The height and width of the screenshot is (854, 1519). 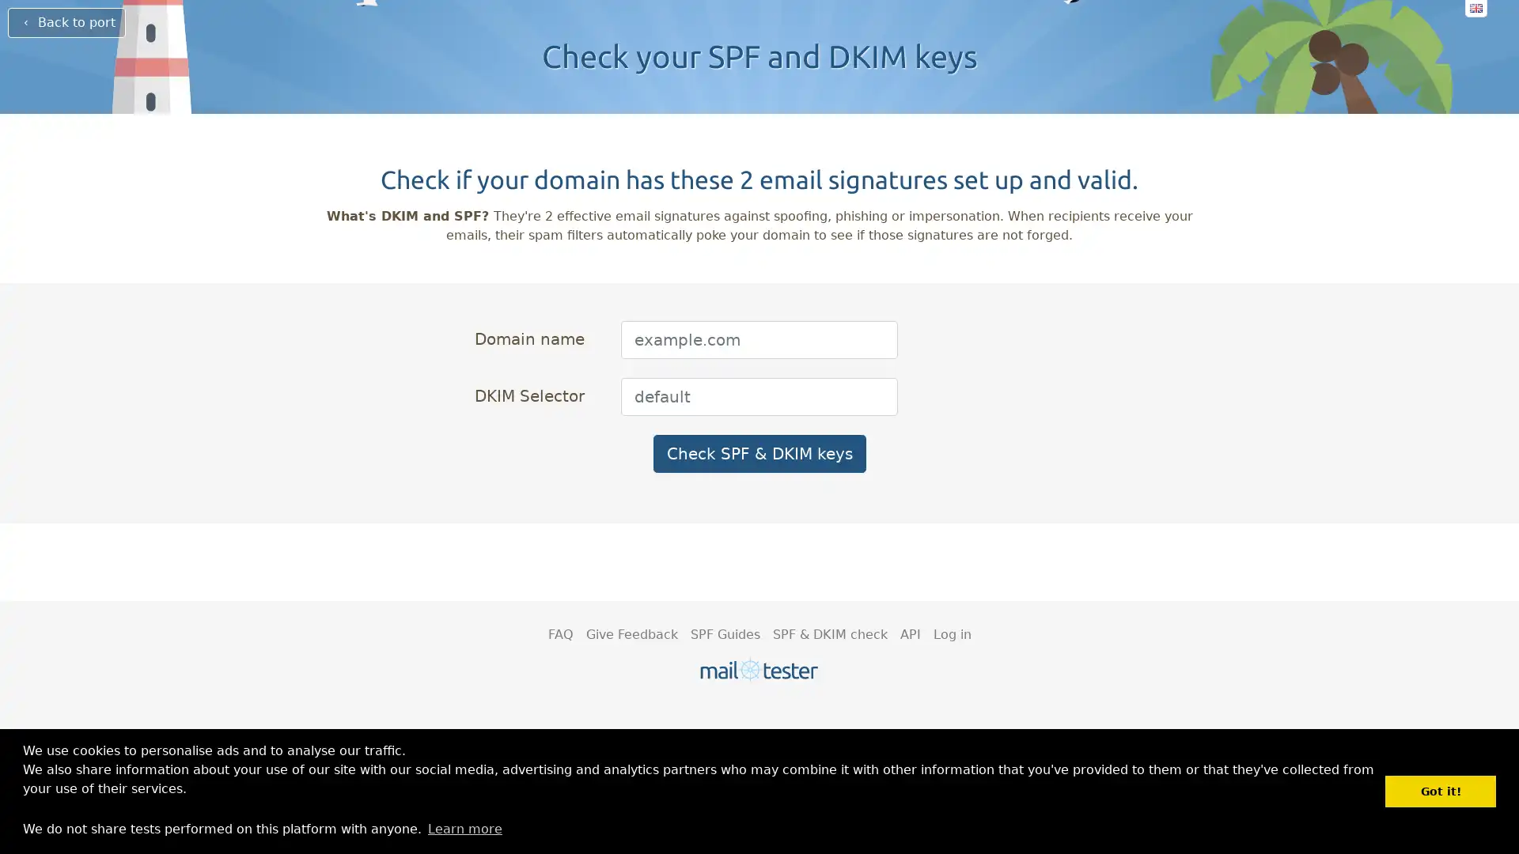 What do you see at coordinates (1440, 791) in the screenshot?
I see `dismiss cookie message` at bounding box center [1440, 791].